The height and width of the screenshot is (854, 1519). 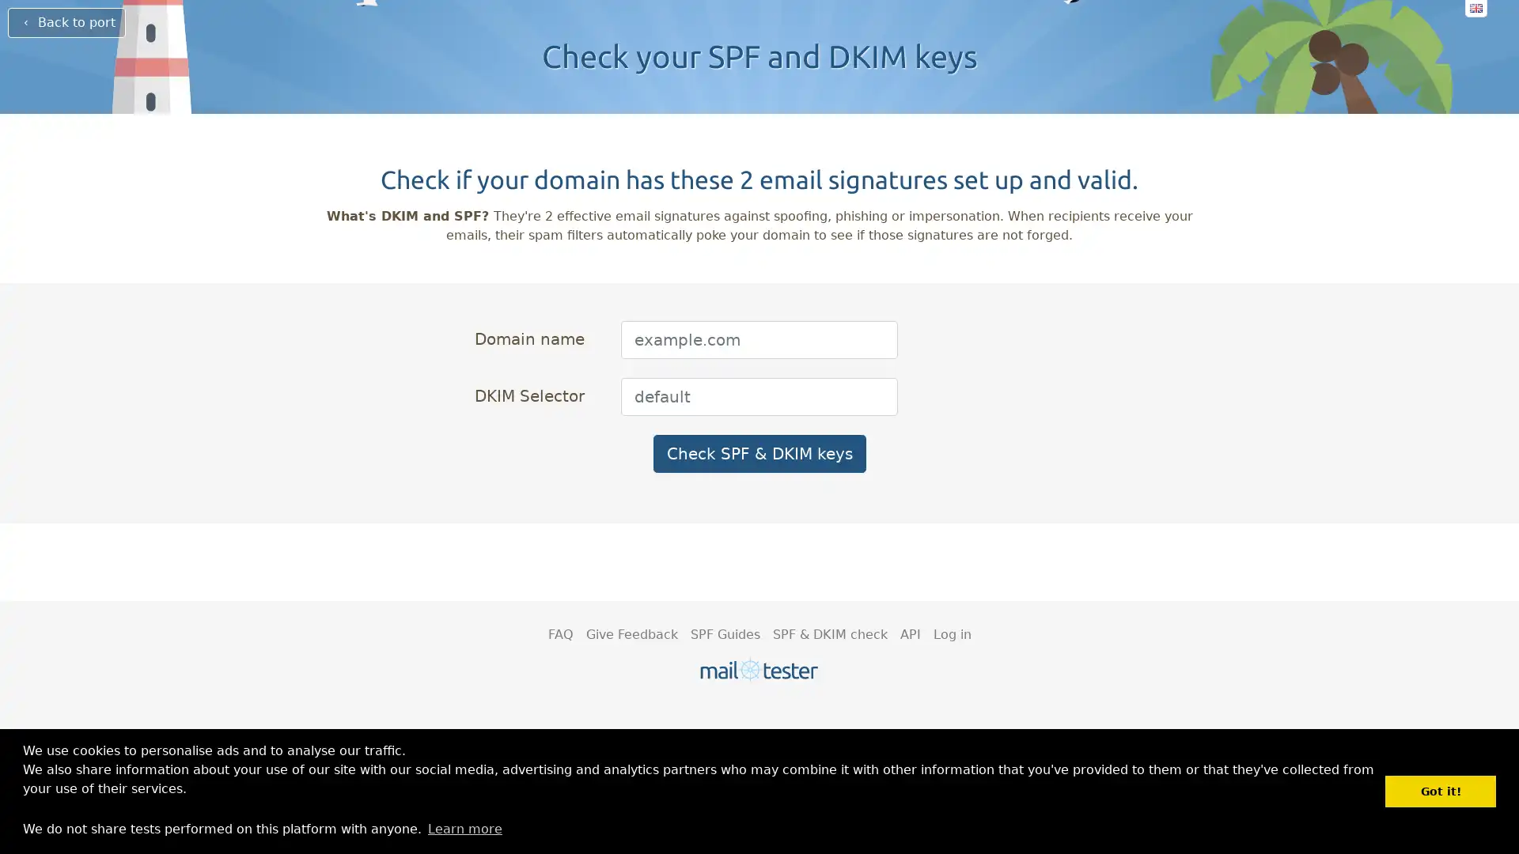 What do you see at coordinates (1440, 791) in the screenshot?
I see `dismiss cookie message` at bounding box center [1440, 791].